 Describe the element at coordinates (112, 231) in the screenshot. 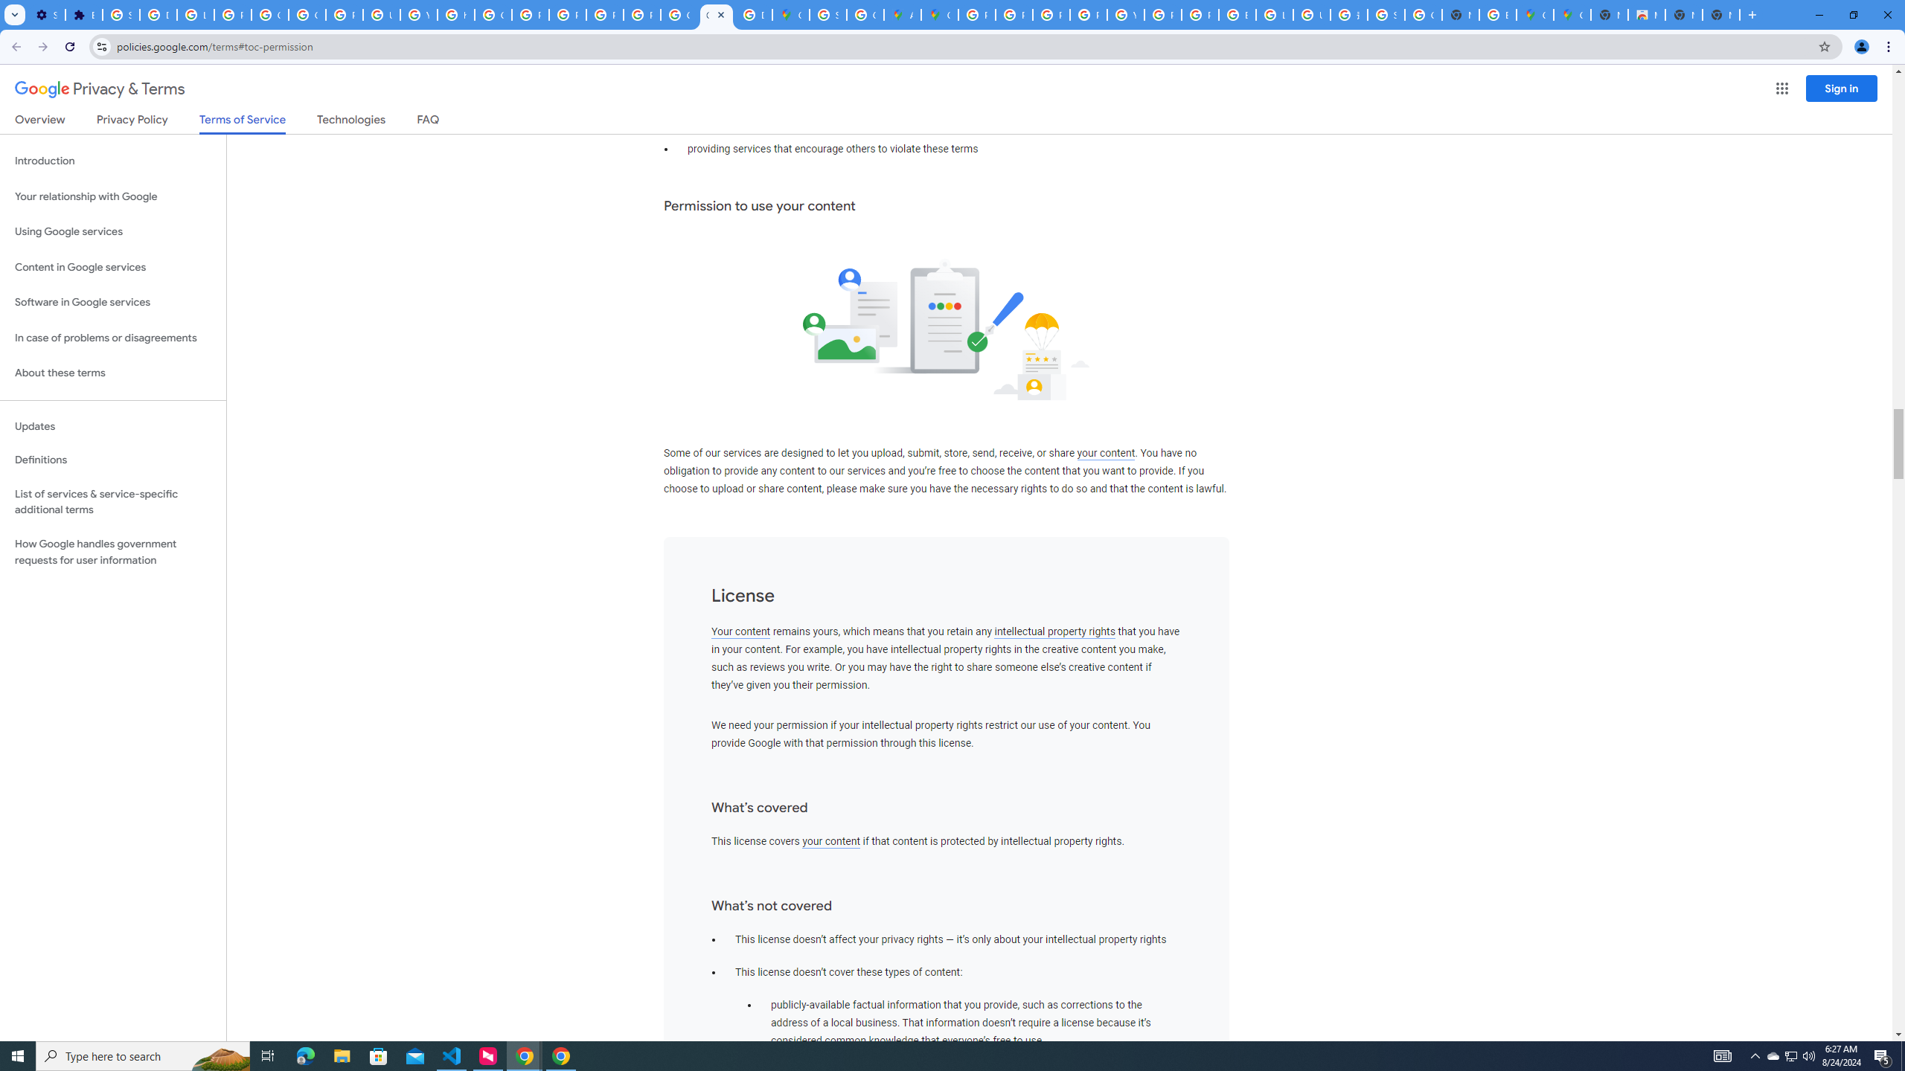

I see `'Using Google services'` at that location.